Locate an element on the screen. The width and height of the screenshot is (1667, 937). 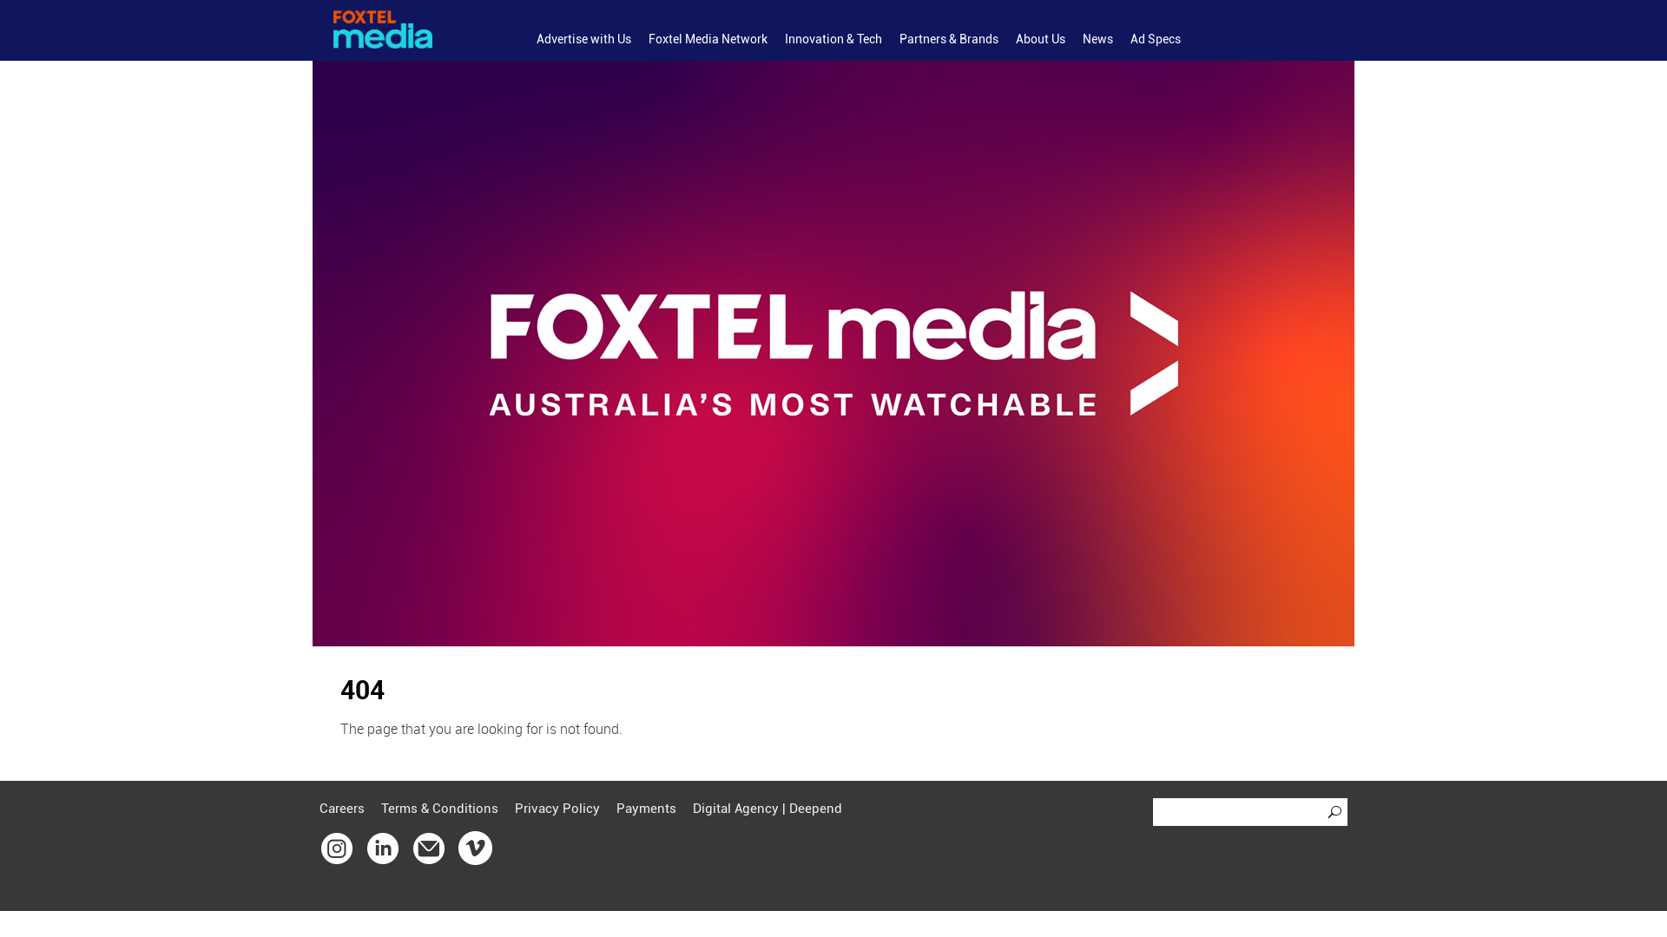
'Advertise with Us' is located at coordinates (583, 39).